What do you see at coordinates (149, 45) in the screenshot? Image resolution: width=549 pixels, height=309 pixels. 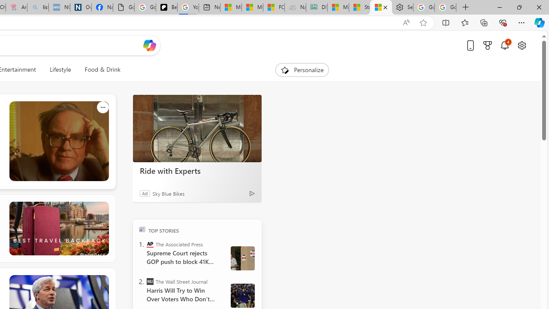 I see `'Open Copilot'` at bounding box center [149, 45].